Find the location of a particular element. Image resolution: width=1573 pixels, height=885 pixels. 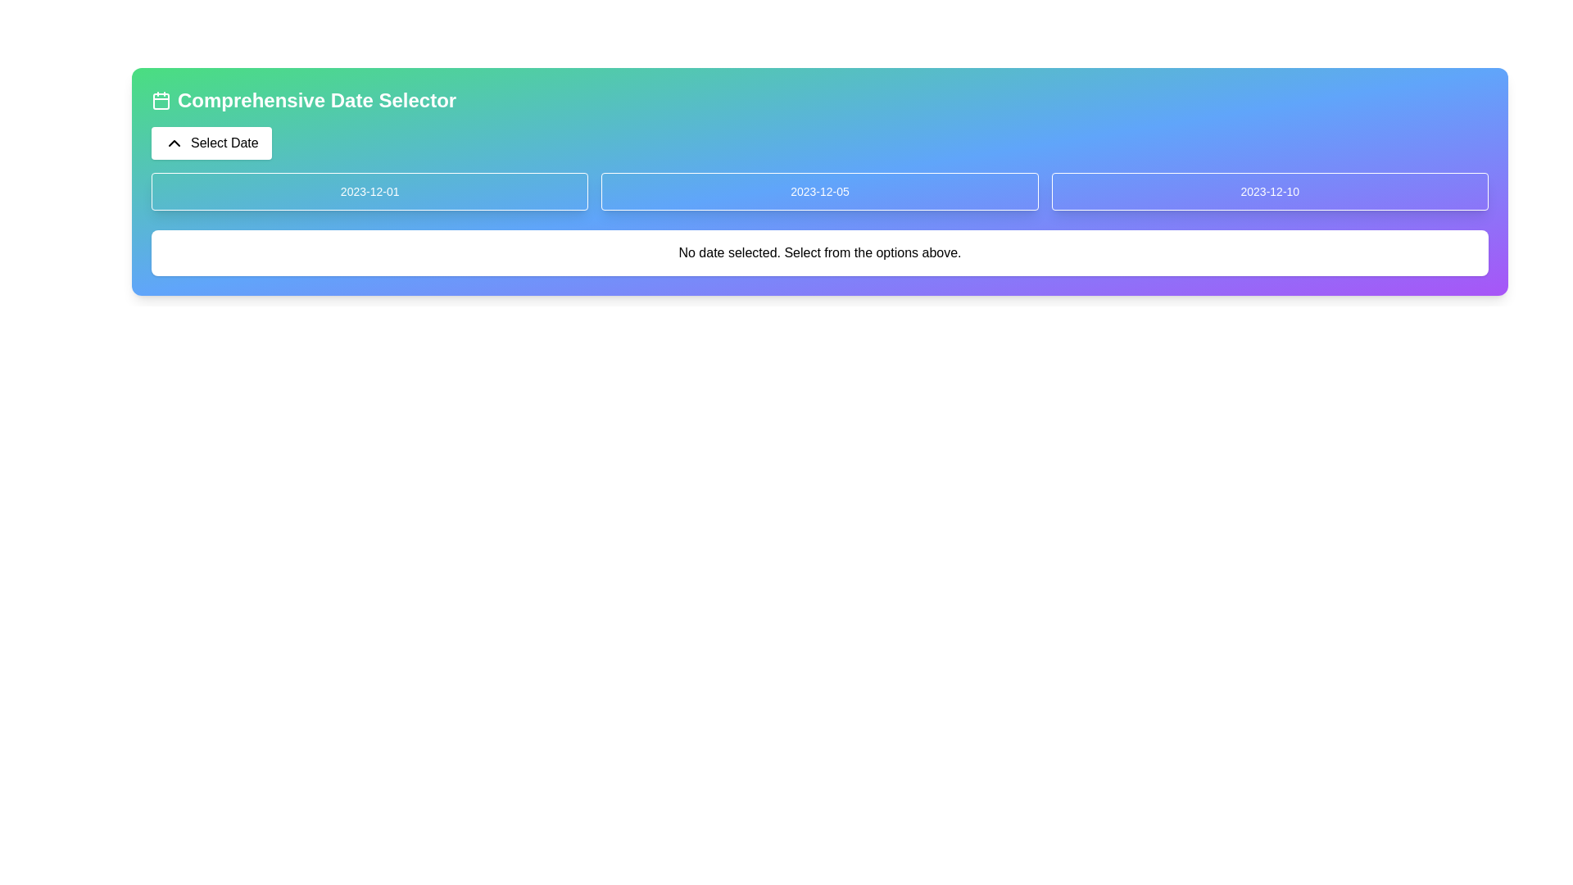

the text element that says 'No date selected. Select from the options above.', which is styled in medium-sized font and is located in the lower part of a white box with rounded corners, horizontally centered is located at coordinates (820, 252).